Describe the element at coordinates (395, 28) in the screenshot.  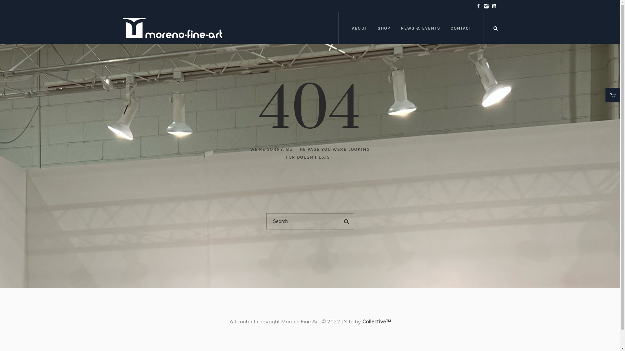
I see `'NEWS & EVENTS'` at that location.